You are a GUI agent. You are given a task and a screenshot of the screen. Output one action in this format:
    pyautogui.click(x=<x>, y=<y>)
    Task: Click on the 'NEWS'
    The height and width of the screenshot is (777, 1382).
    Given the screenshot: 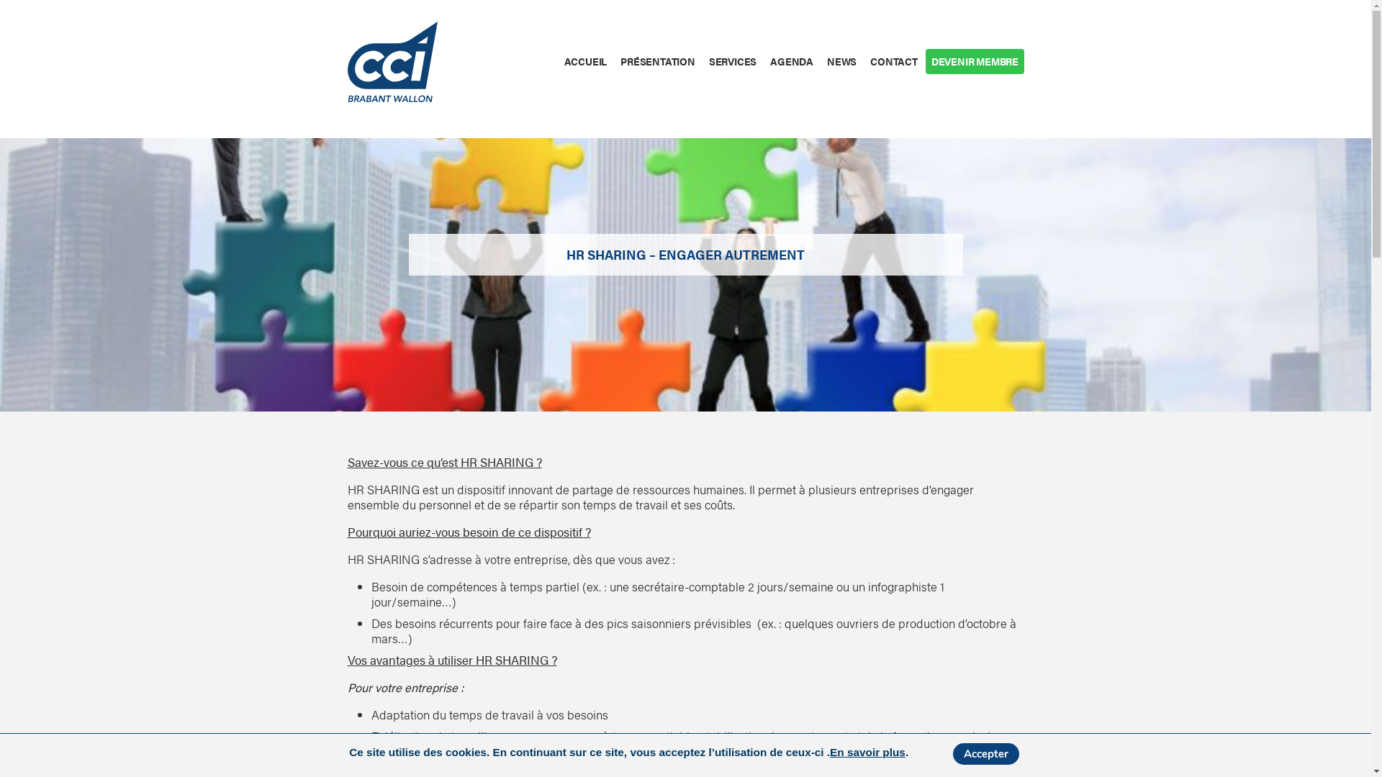 What is the action you would take?
    pyautogui.click(x=841, y=60)
    